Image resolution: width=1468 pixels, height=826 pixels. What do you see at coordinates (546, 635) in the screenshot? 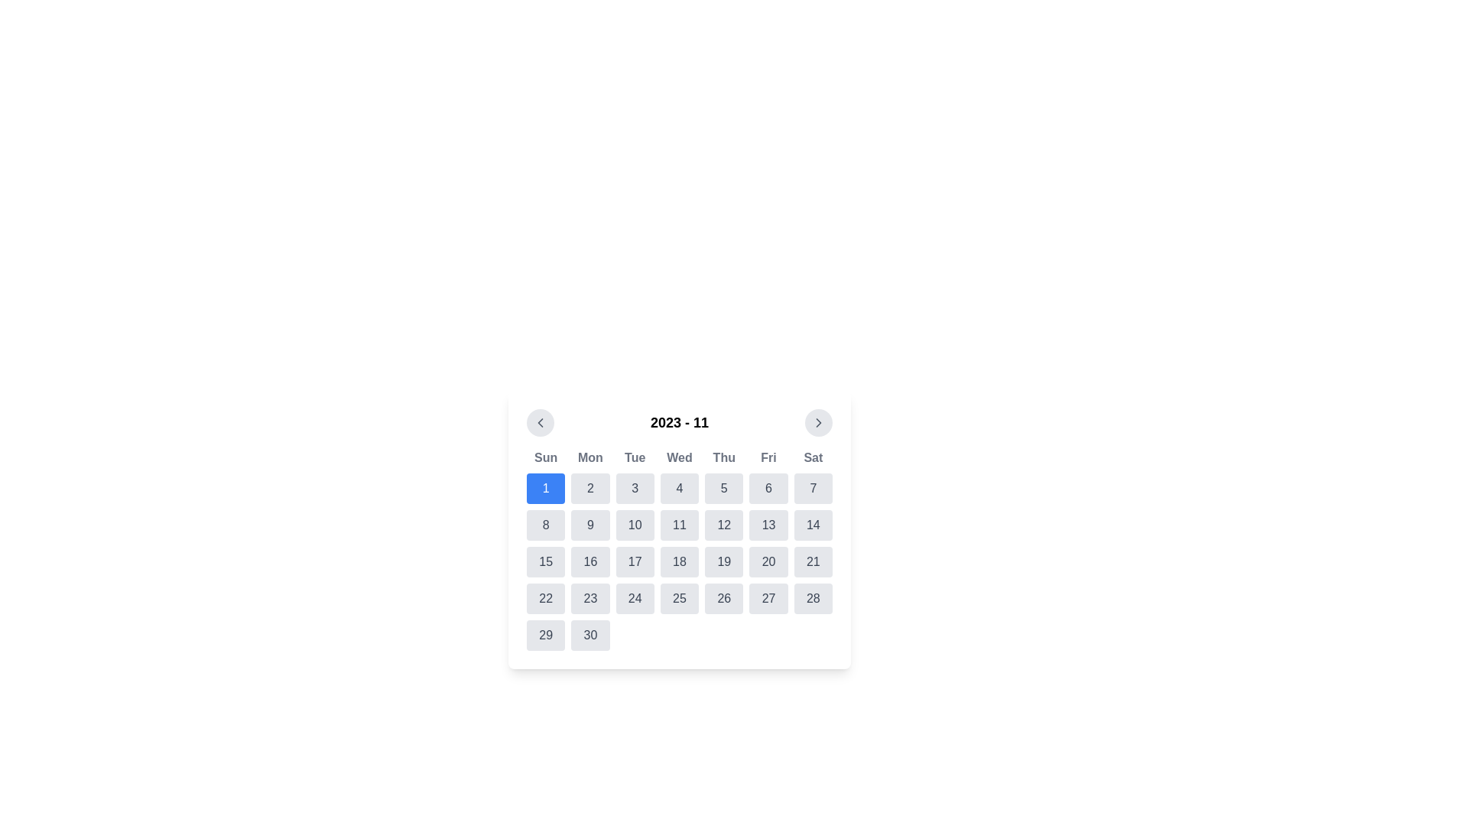
I see `the calendar date button located in the bottom row and first column of the grid` at bounding box center [546, 635].